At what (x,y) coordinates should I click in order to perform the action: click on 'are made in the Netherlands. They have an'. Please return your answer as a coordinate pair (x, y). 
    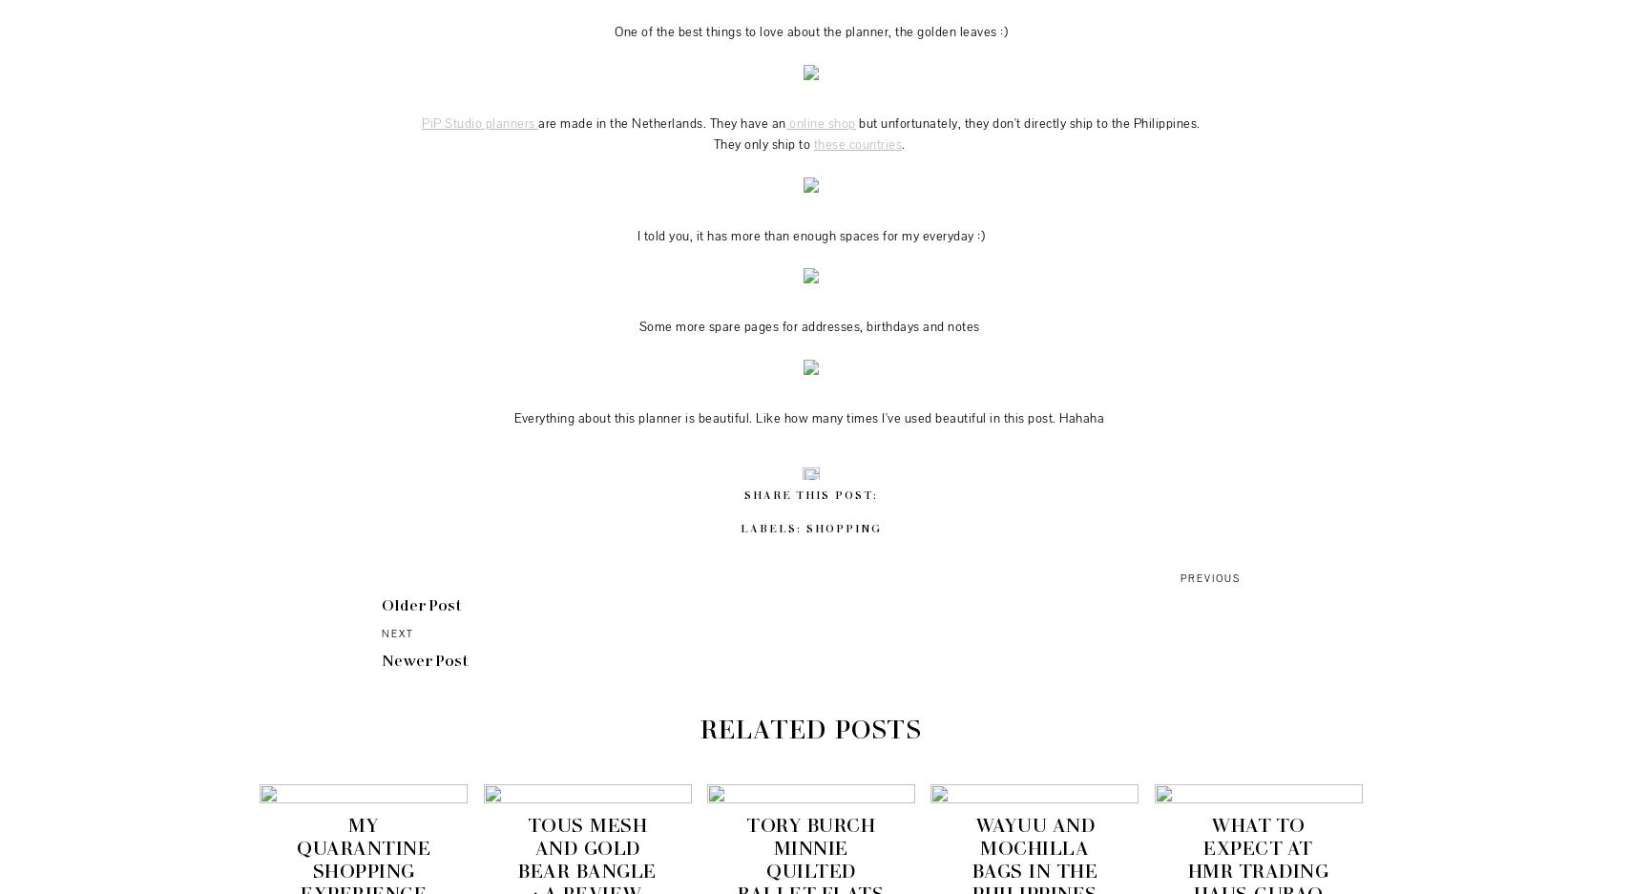
    Looking at the image, I should click on (661, 123).